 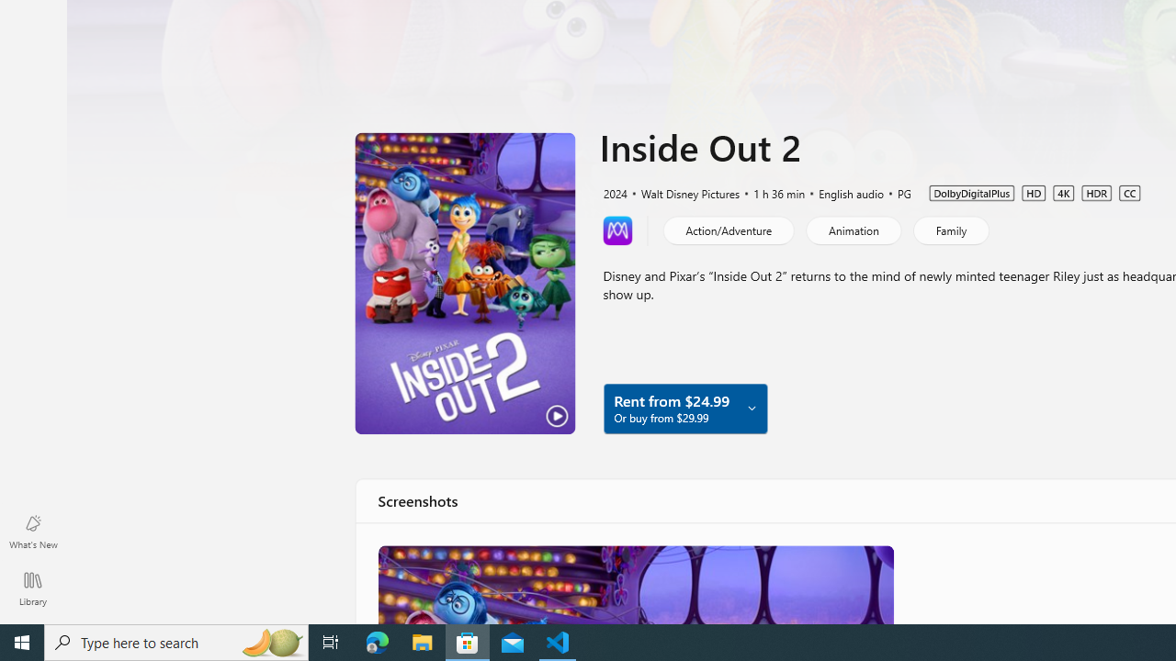 What do you see at coordinates (465, 283) in the screenshot?
I see `'Play Trailer'` at bounding box center [465, 283].